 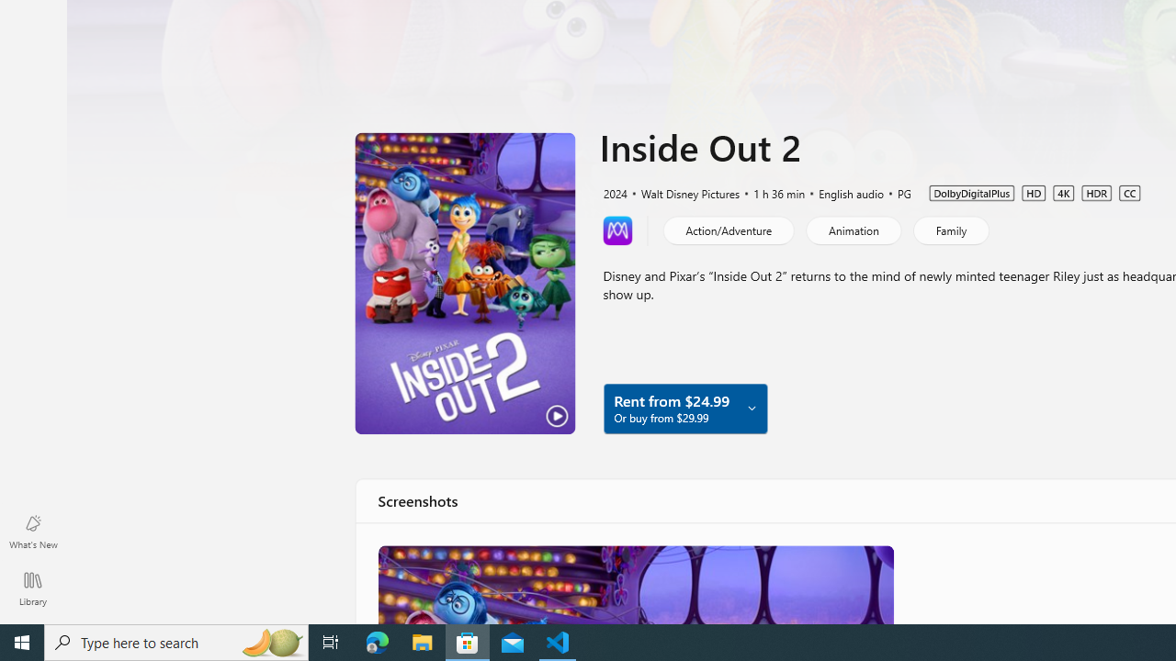 What do you see at coordinates (465, 283) in the screenshot?
I see `'Play Trailer'` at bounding box center [465, 283].